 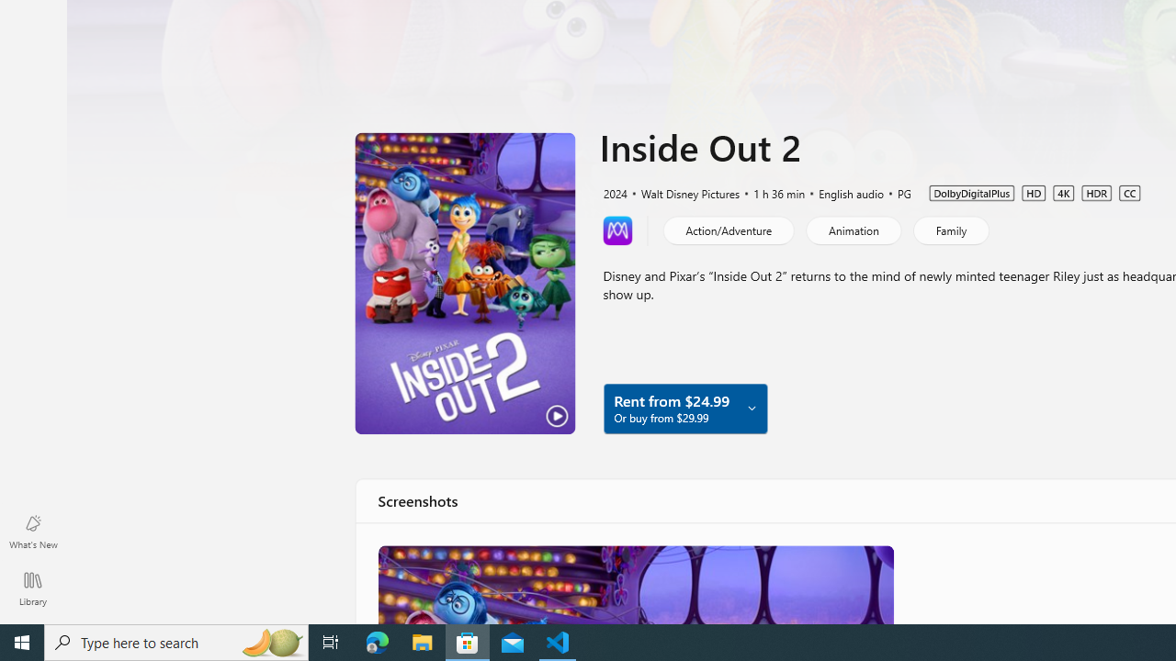 What do you see at coordinates (465, 283) in the screenshot?
I see `'Play Trailer'` at bounding box center [465, 283].